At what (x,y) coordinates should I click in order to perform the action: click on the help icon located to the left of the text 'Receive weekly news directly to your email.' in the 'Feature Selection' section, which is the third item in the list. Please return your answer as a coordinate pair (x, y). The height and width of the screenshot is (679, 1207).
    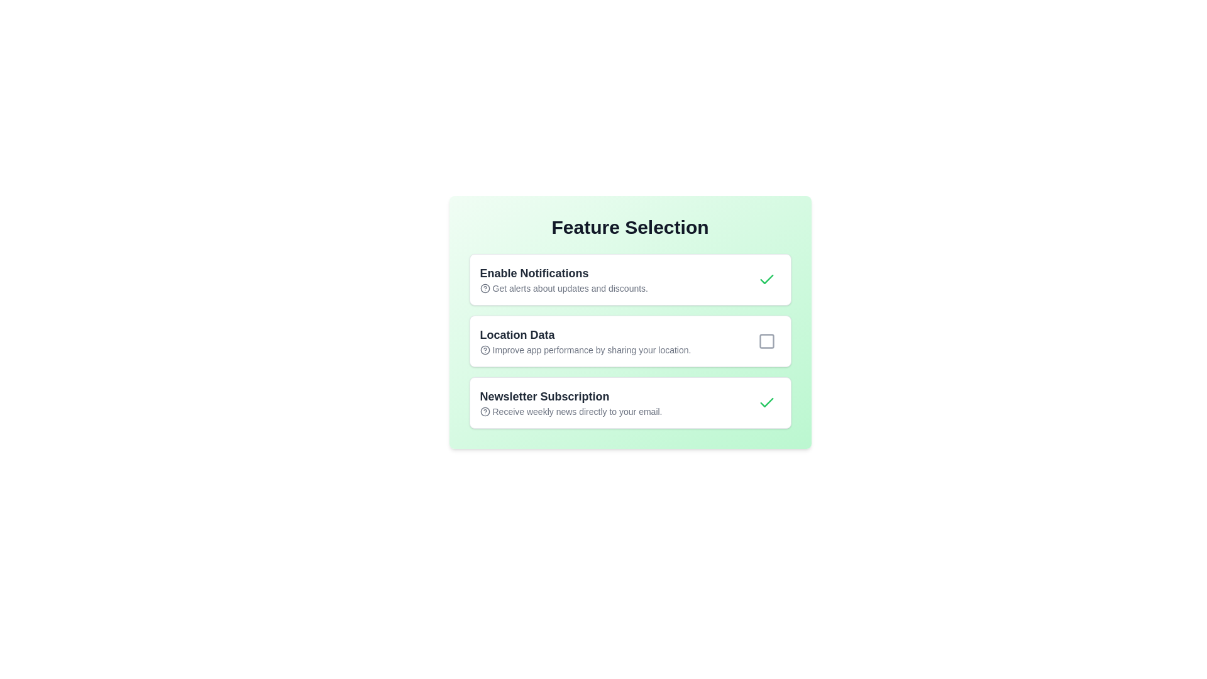
    Looking at the image, I should click on (484, 412).